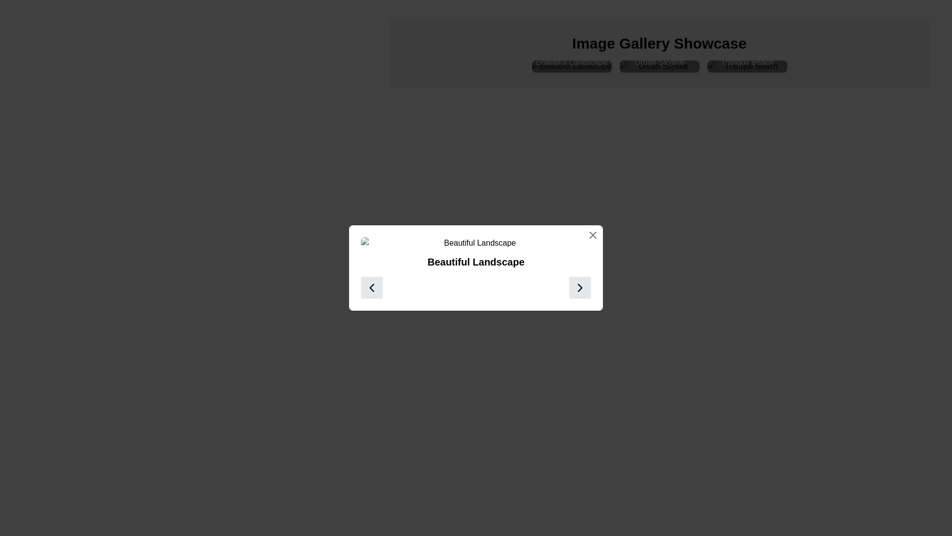 This screenshot has width=952, height=536. What do you see at coordinates (747, 67) in the screenshot?
I see `on the 'Tranquil Beach' image card, which displays an image with the caption 'Tranquil Beach' in white text against a black semi-transparent background, located as the rightmost card in a grid layout` at bounding box center [747, 67].